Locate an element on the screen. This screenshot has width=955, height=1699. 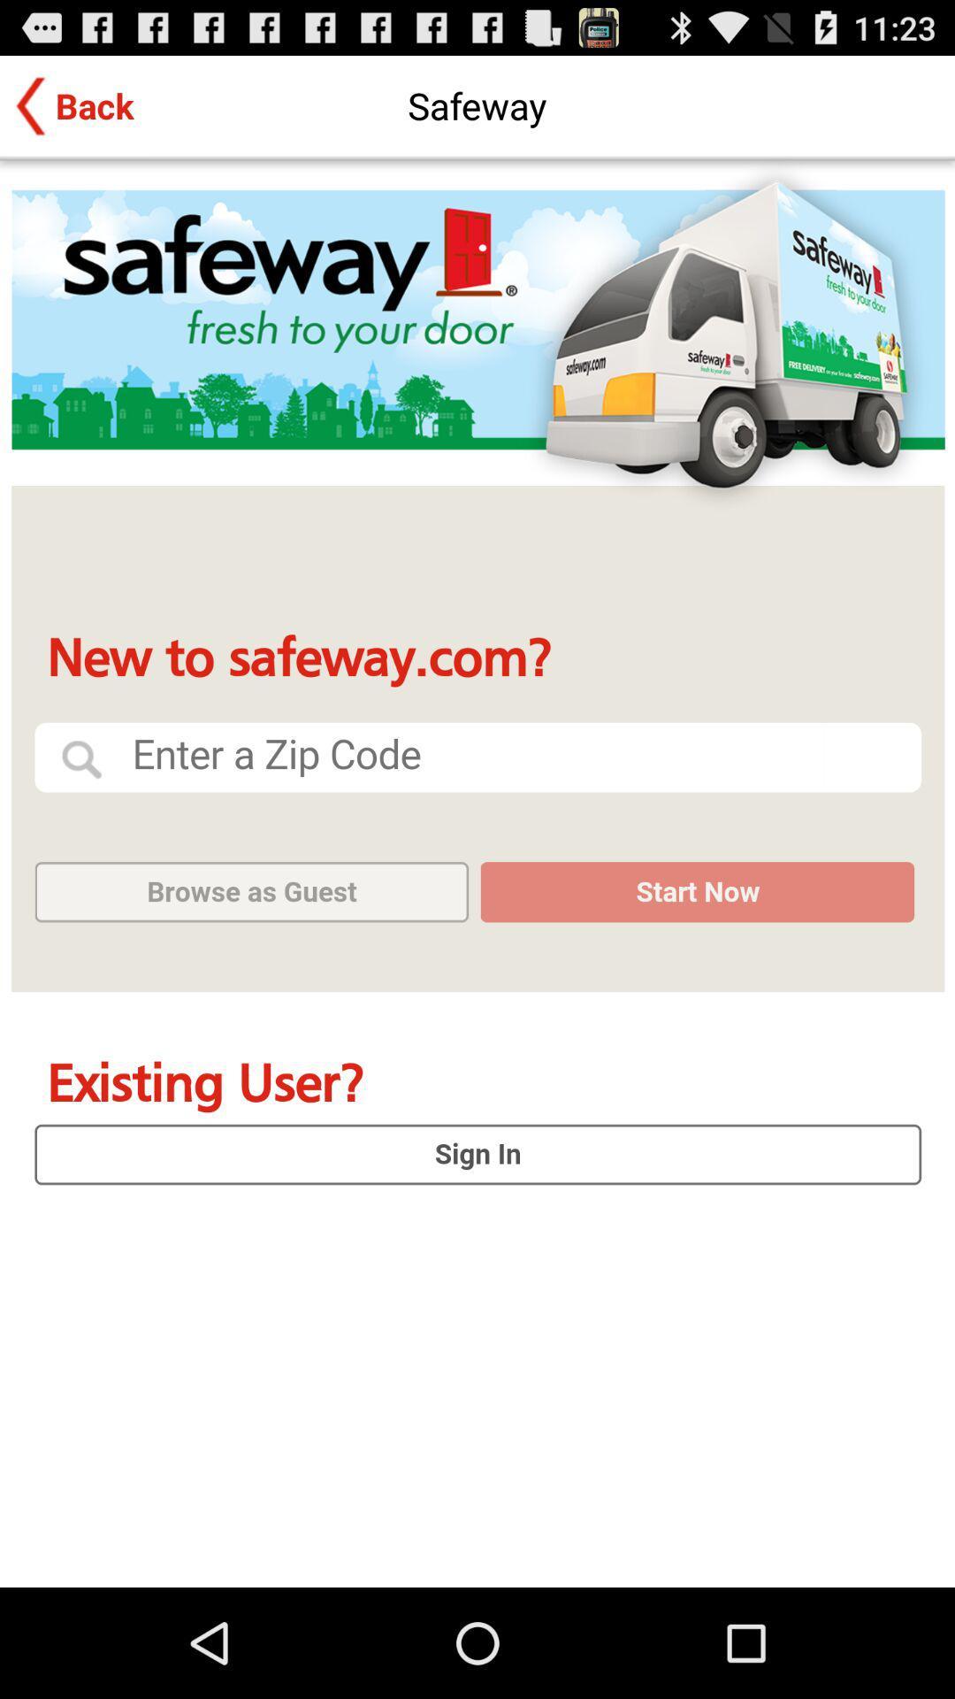
sign in is located at coordinates (477, 873).